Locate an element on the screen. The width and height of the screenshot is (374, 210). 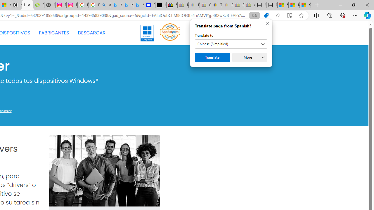
'FABRICANTES' is located at coordinates (54, 33).